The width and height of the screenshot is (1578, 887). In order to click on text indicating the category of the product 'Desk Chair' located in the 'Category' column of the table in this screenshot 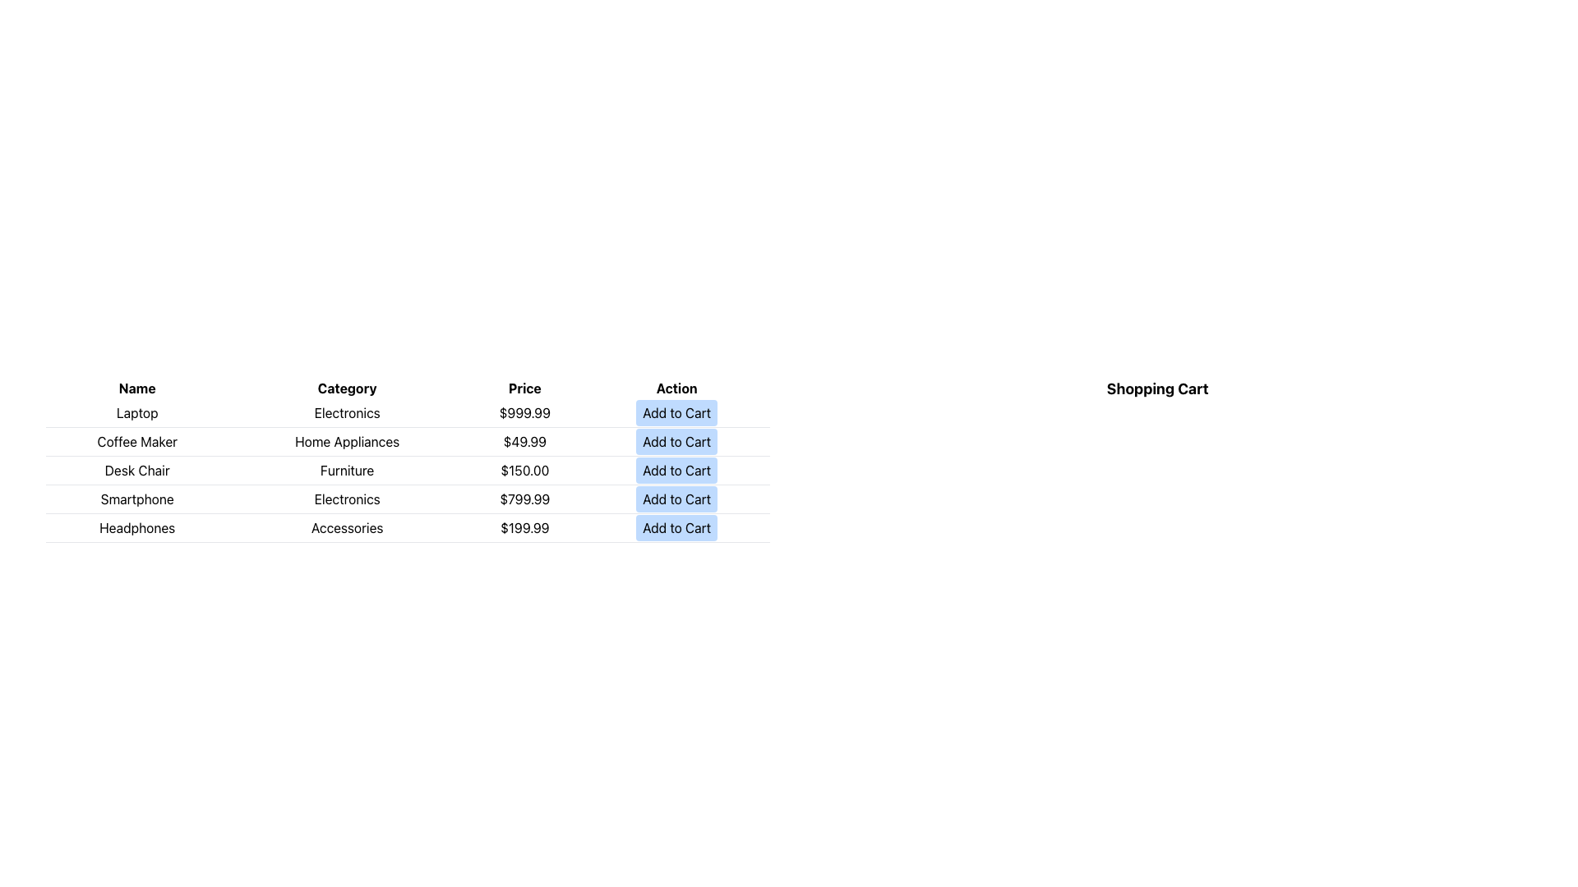, I will do `click(346, 471)`.